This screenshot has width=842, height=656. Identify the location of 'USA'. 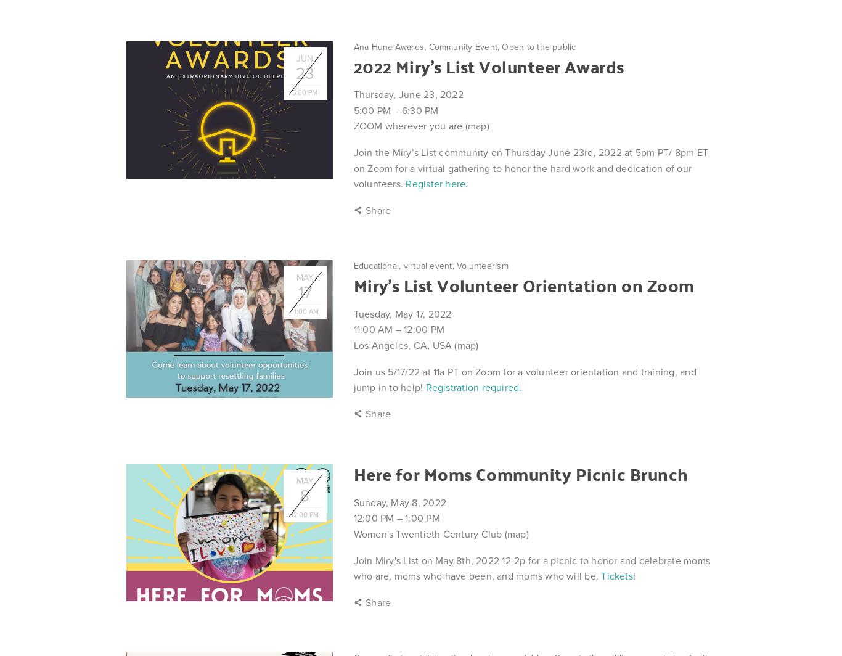
(442, 345).